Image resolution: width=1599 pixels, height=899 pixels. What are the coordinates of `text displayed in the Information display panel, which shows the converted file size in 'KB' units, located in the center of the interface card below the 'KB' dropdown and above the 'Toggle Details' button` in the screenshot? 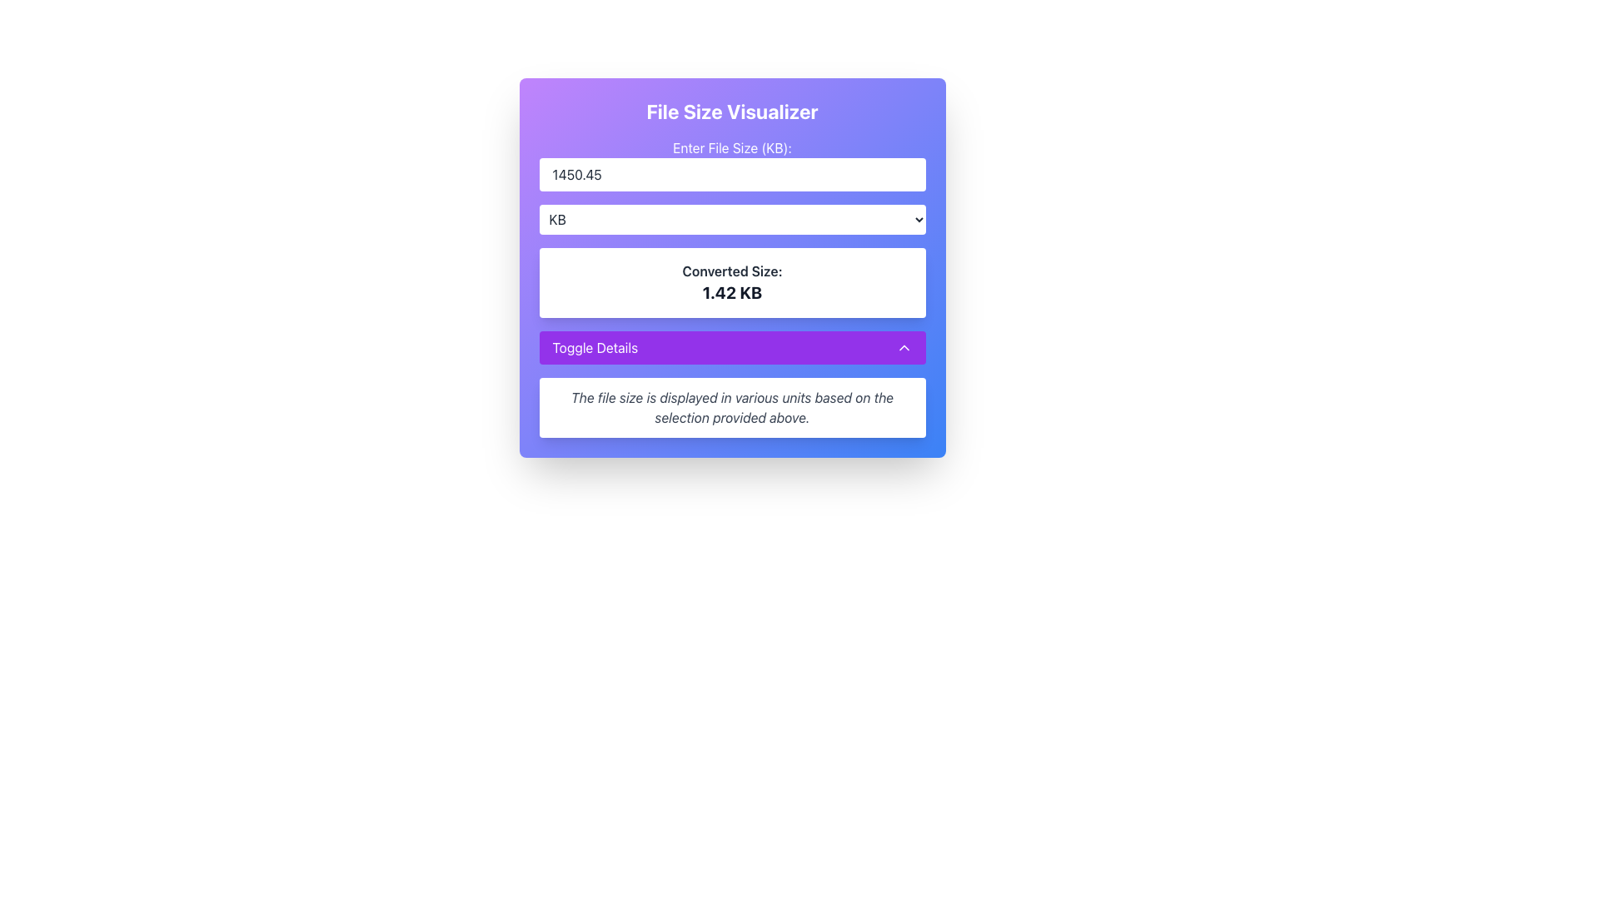 It's located at (732, 281).